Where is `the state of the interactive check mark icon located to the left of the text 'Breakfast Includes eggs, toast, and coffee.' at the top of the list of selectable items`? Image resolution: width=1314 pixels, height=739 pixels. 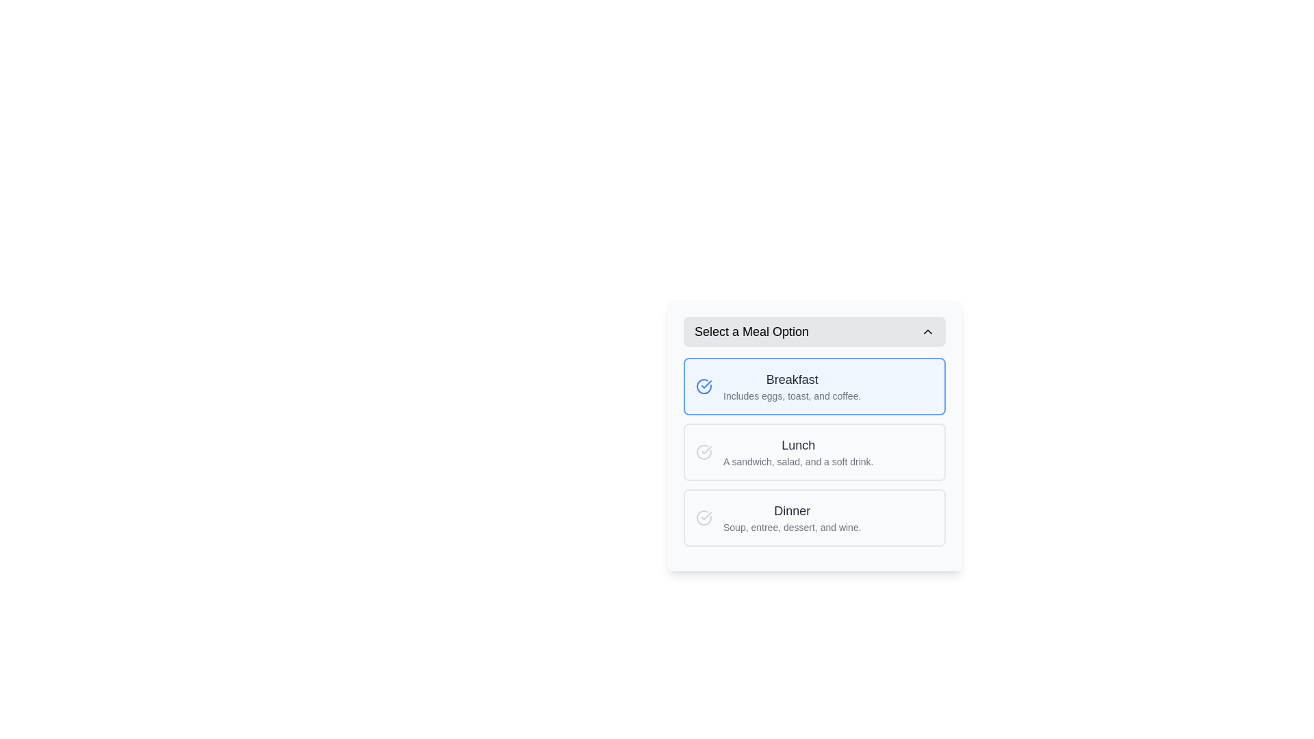 the state of the interactive check mark icon located to the left of the text 'Breakfast Includes eggs, toast, and coffee.' at the top of the list of selectable items is located at coordinates (704, 386).